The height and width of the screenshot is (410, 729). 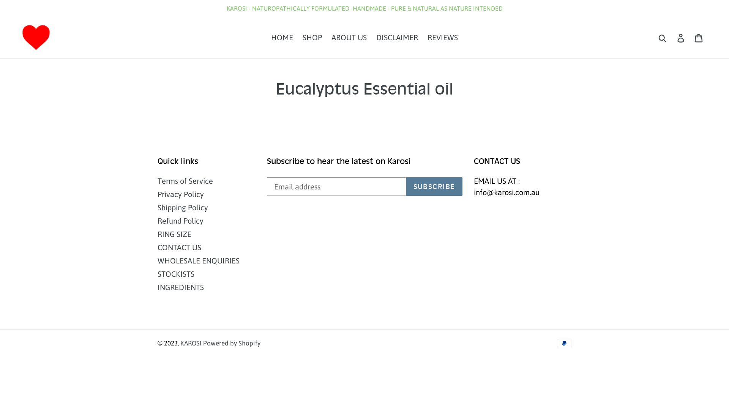 I want to click on 'Refund Policy', so click(x=180, y=221).